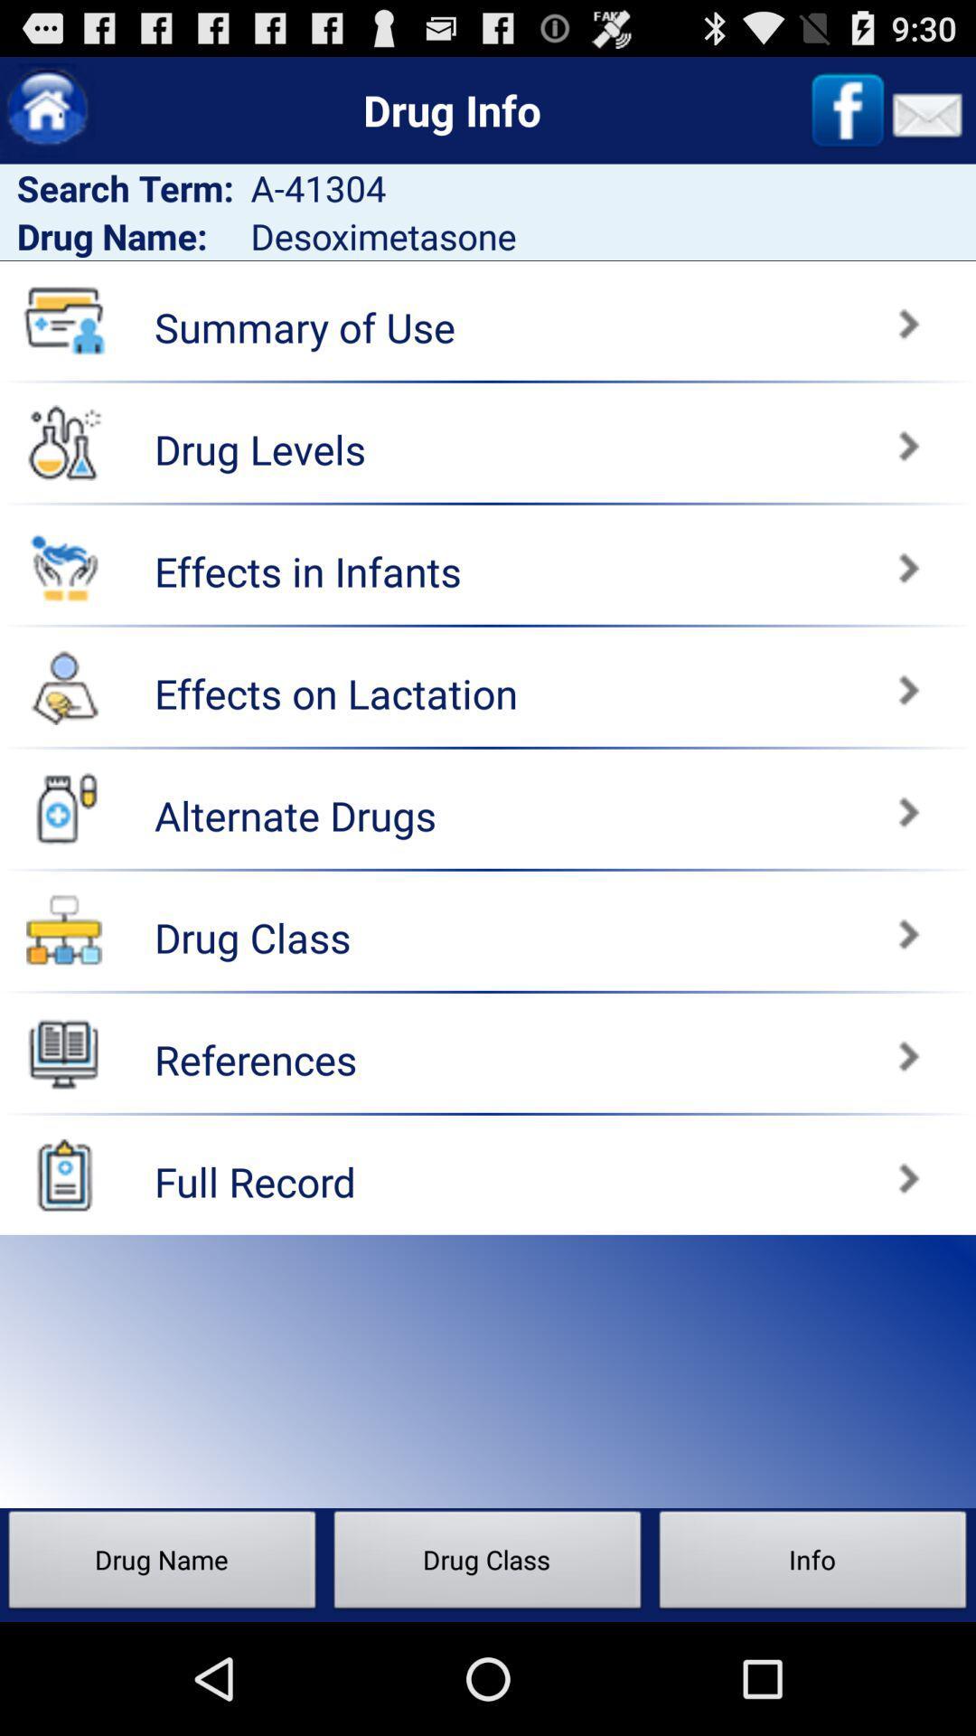 The image size is (976, 1736). What do you see at coordinates (63, 1052) in the screenshot?
I see `open references` at bounding box center [63, 1052].